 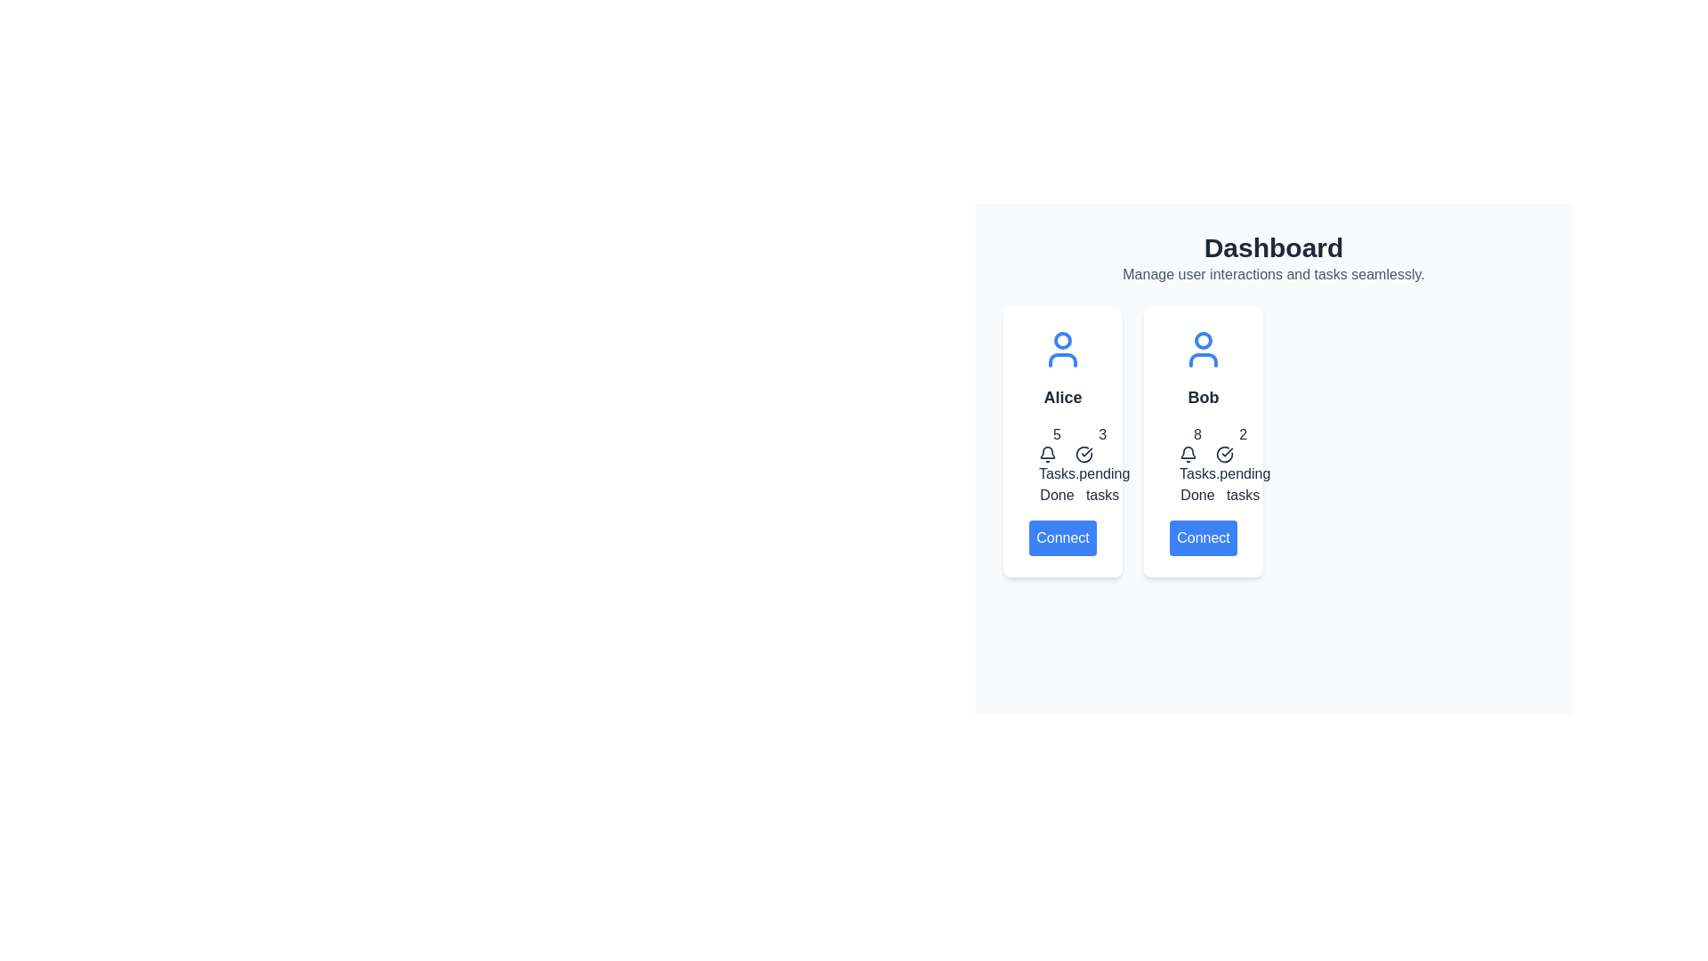 What do you see at coordinates (1223, 453) in the screenshot?
I see `the circular icon with a checkmark symbol inside it, located next to the text 'Done tasks' and below the number 2, as a visual cue` at bounding box center [1223, 453].